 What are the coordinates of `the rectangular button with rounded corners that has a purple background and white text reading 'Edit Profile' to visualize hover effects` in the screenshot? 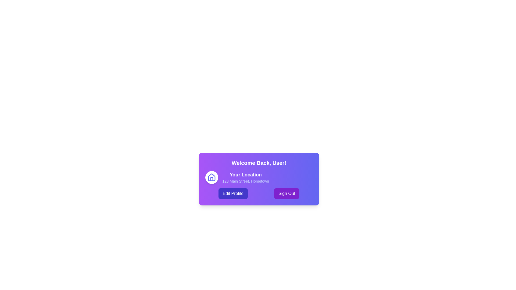 It's located at (233, 194).